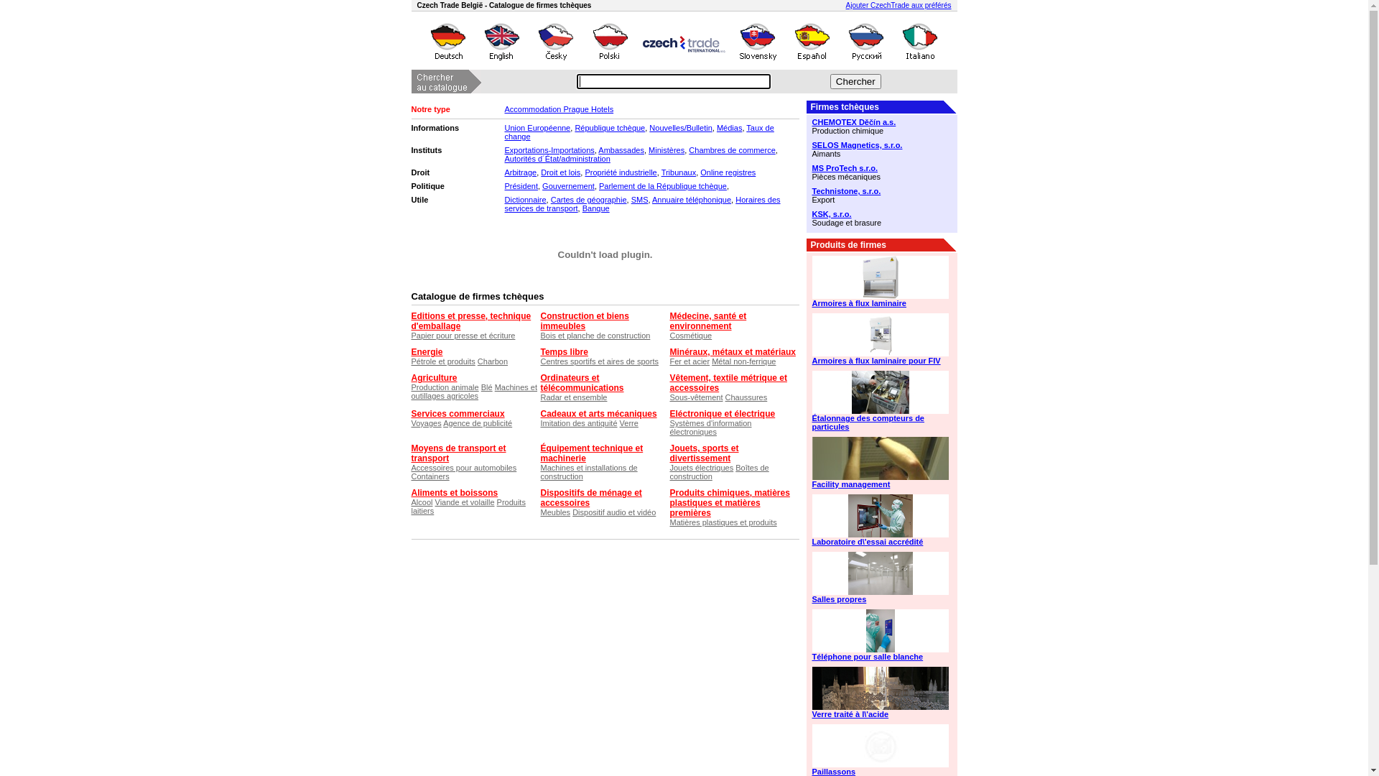  What do you see at coordinates (426, 351) in the screenshot?
I see `'Energie'` at bounding box center [426, 351].